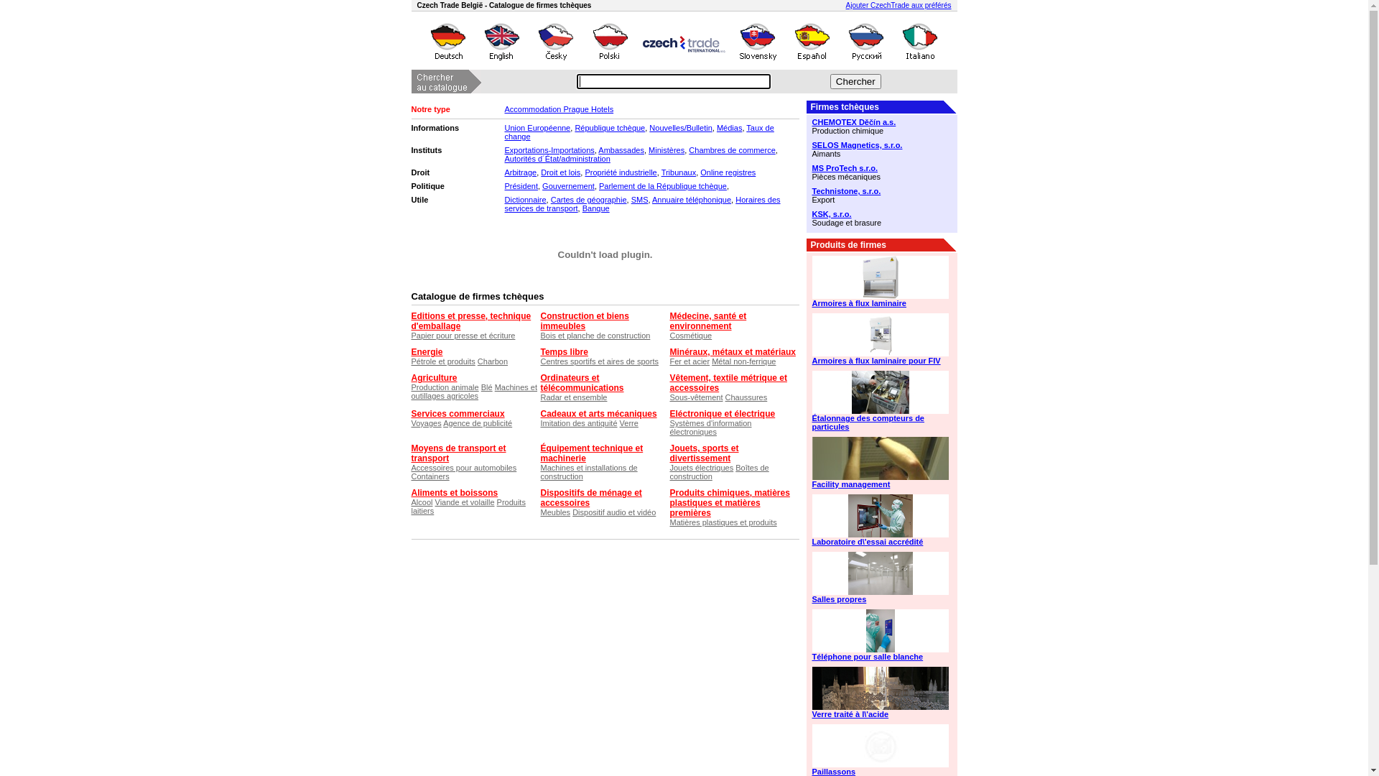  What do you see at coordinates (426, 351) in the screenshot?
I see `'Energie'` at bounding box center [426, 351].